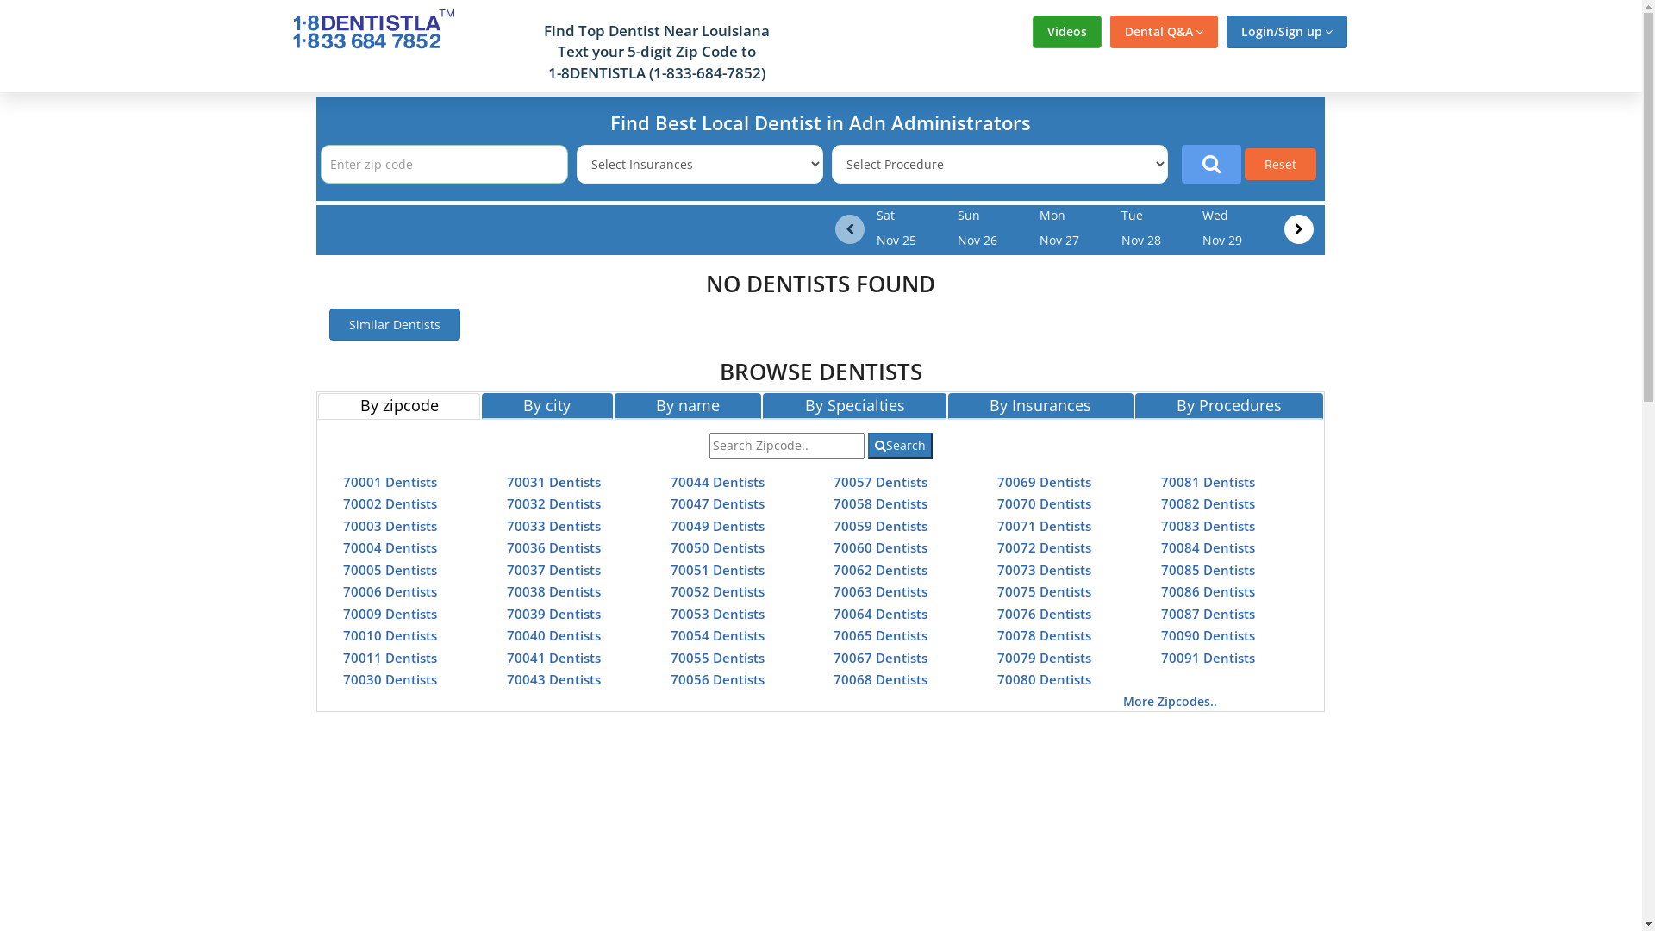 This screenshot has width=1655, height=931. I want to click on '70006 Dentists', so click(389, 590).